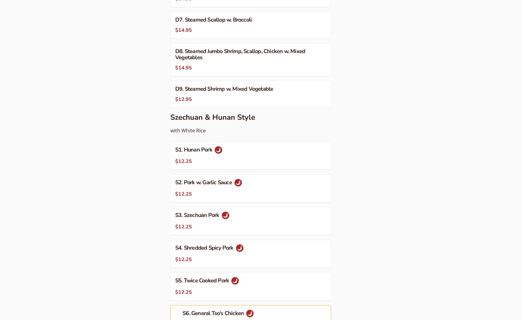  What do you see at coordinates (175, 280) in the screenshot?
I see `'S5. Twice Cooked Pork'` at bounding box center [175, 280].